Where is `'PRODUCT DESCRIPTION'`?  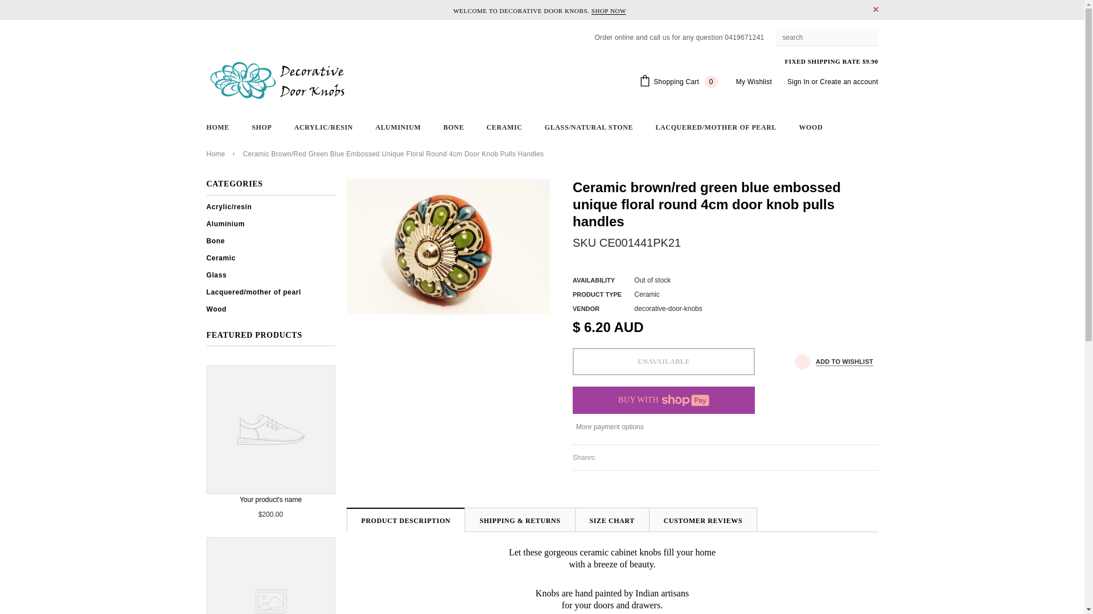
'PRODUCT DESCRIPTION' is located at coordinates (346, 520).